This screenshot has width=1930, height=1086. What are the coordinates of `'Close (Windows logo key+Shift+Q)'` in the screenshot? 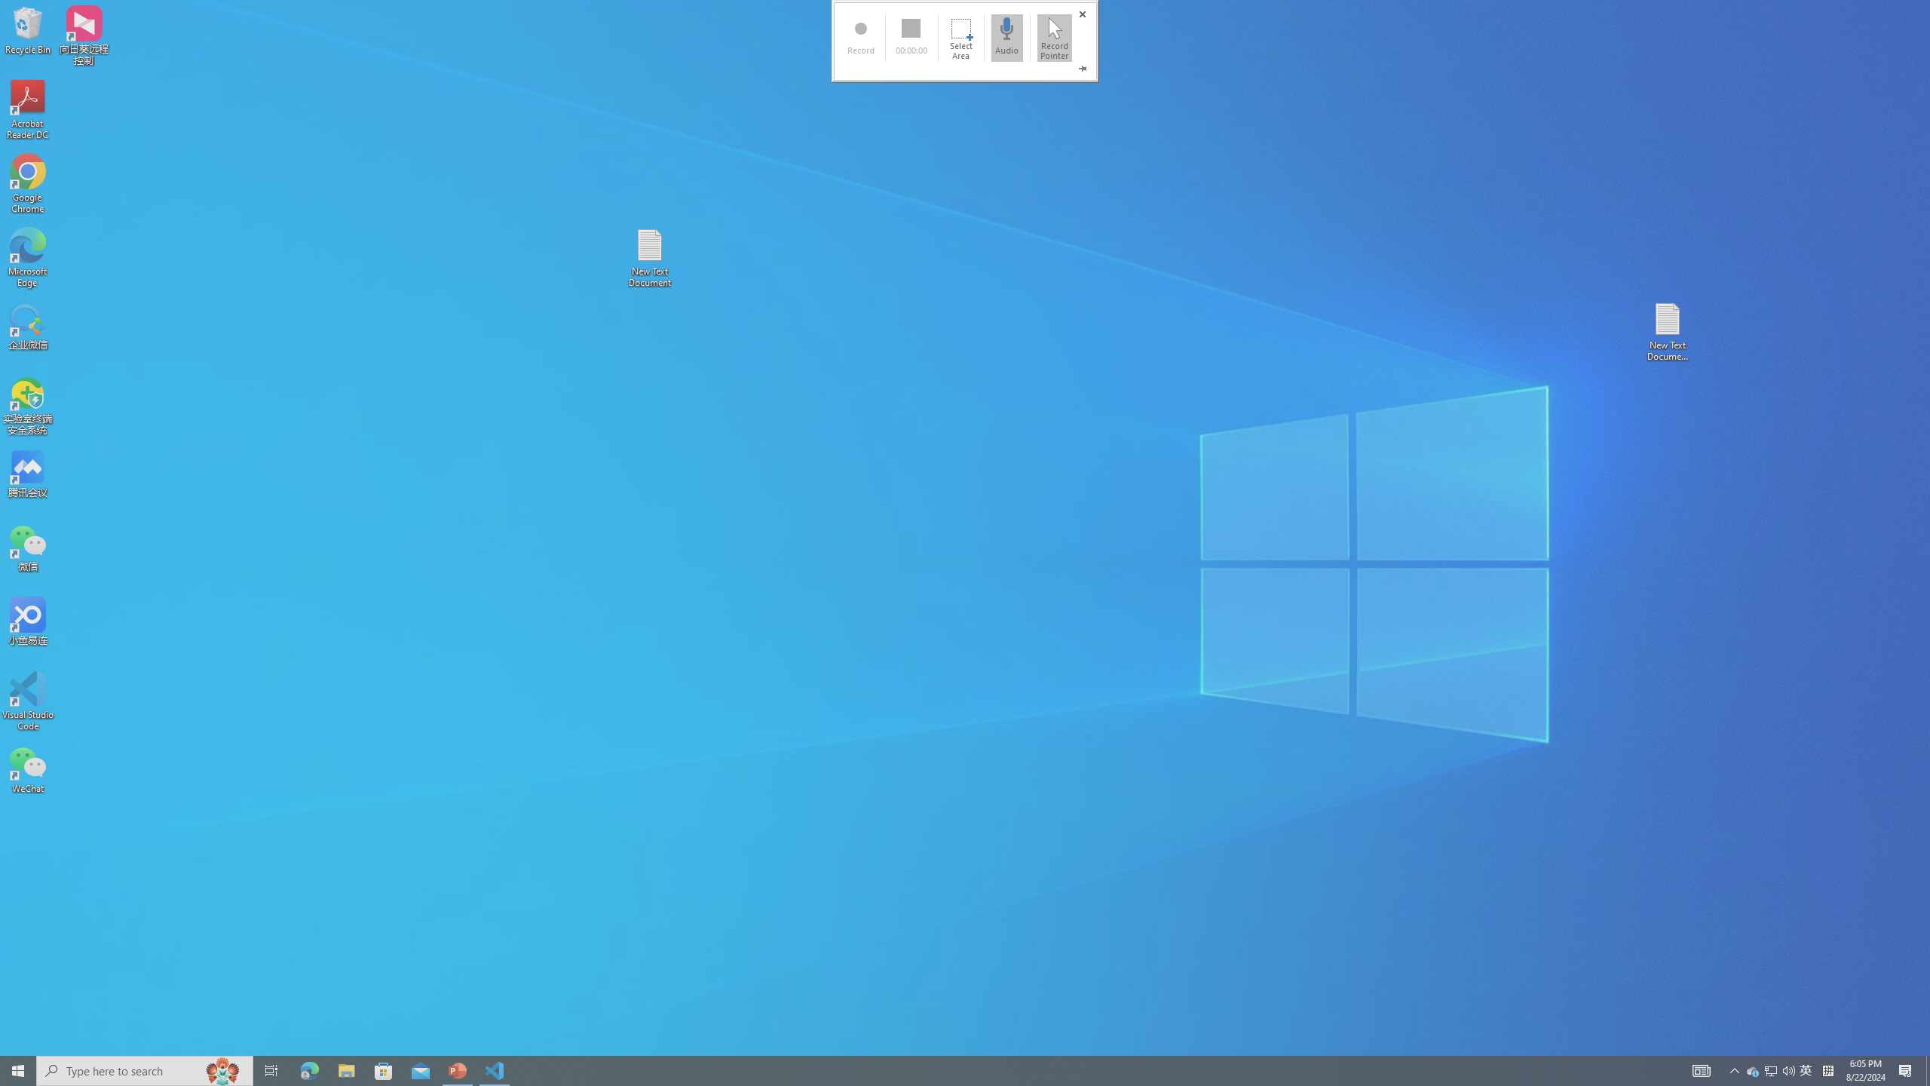 It's located at (1082, 14).